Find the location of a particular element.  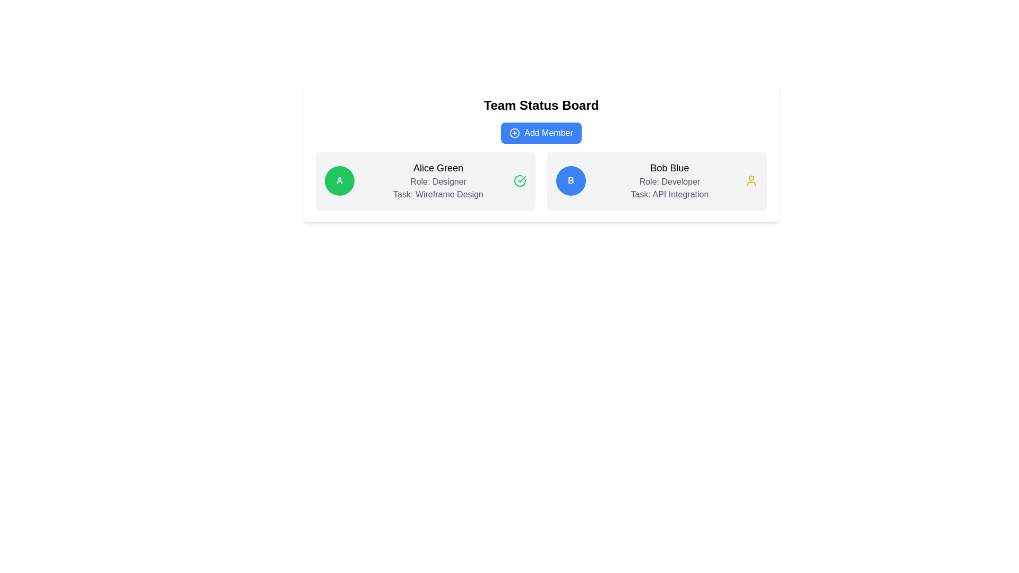

the Avatar Icon representing 'Bob Blue' located at the far-left side of the user profile card in the user list interface is located at coordinates (570, 180).